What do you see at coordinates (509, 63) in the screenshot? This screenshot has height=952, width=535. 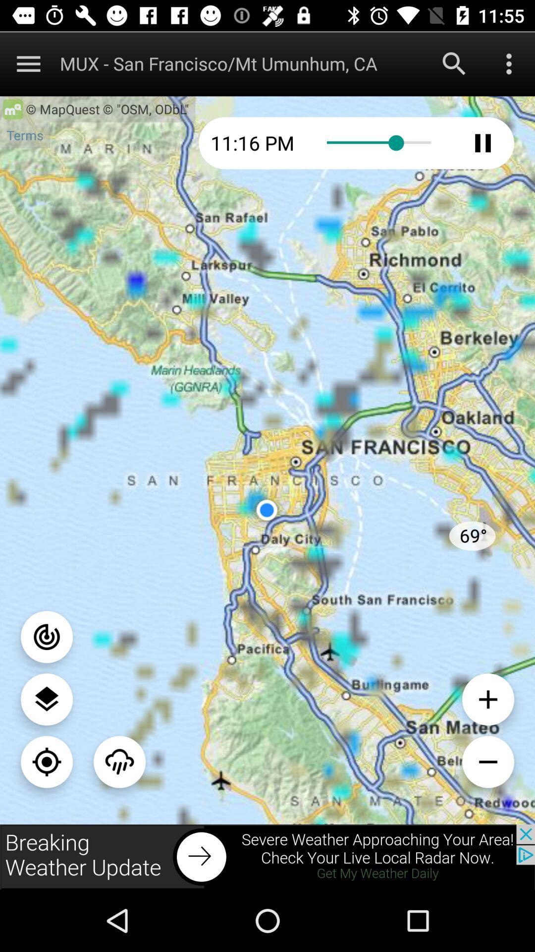 I see `the more icon` at bounding box center [509, 63].